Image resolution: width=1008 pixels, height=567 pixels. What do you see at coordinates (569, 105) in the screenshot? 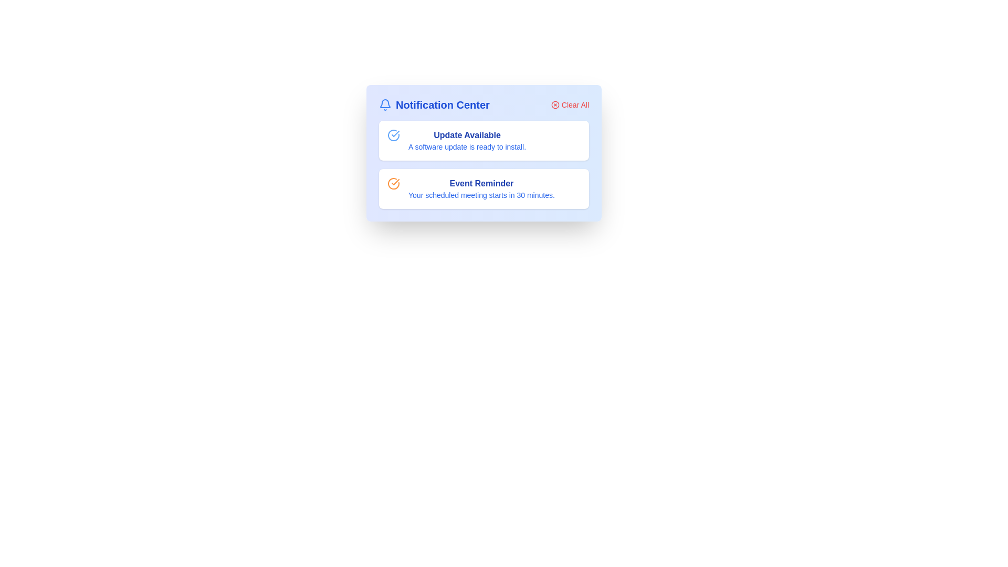
I see `the button to clear all notifications located to the right of the 'Notification Center' title in the header` at bounding box center [569, 105].